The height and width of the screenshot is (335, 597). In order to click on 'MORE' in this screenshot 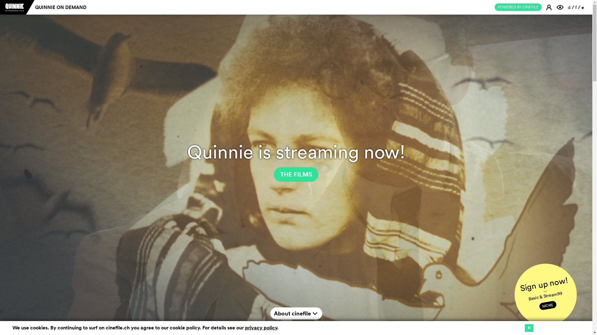, I will do `click(547, 304)`.